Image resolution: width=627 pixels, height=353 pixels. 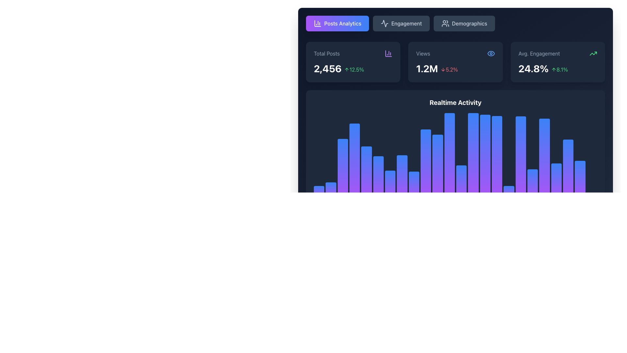 I want to click on the 23rd bar in the bar chart, so click(x=568, y=180).